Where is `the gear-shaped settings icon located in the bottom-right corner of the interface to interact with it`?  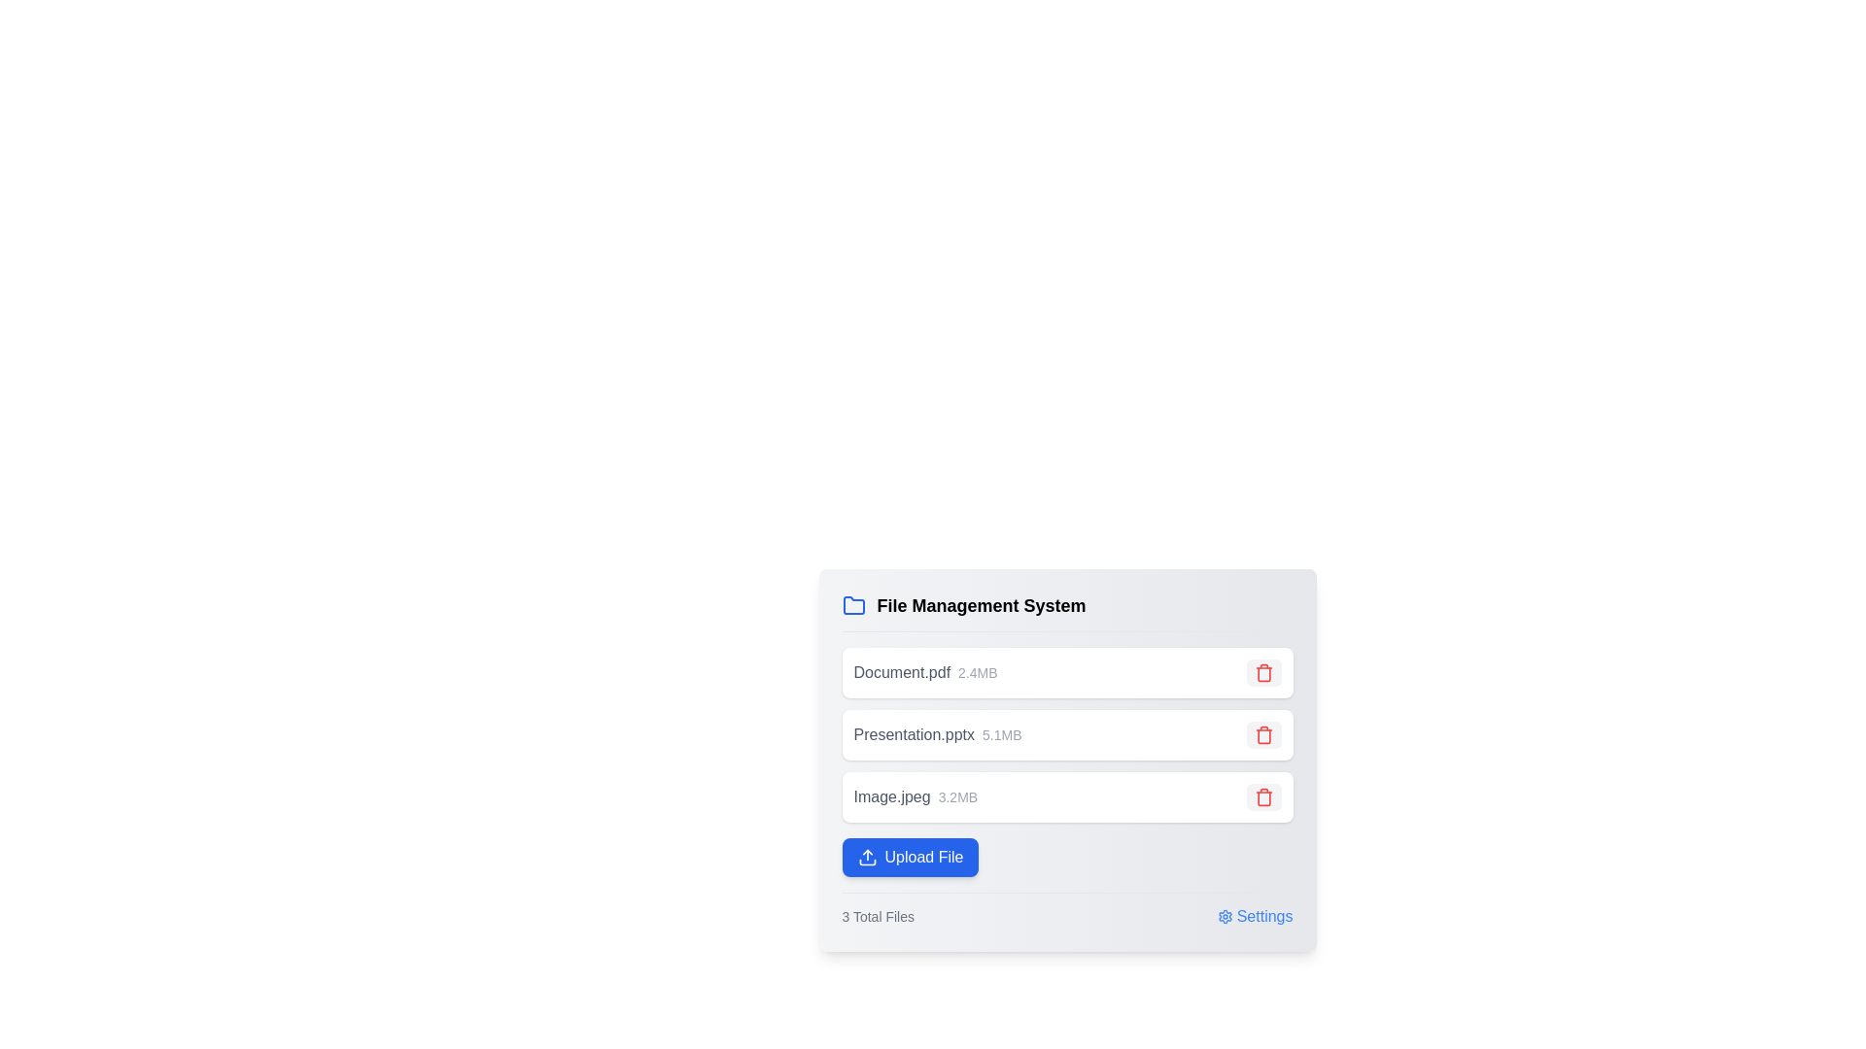
the gear-shaped settings icon located in the bottom-right corner of the interface to interact with it is located at coordinates (1224, 917).